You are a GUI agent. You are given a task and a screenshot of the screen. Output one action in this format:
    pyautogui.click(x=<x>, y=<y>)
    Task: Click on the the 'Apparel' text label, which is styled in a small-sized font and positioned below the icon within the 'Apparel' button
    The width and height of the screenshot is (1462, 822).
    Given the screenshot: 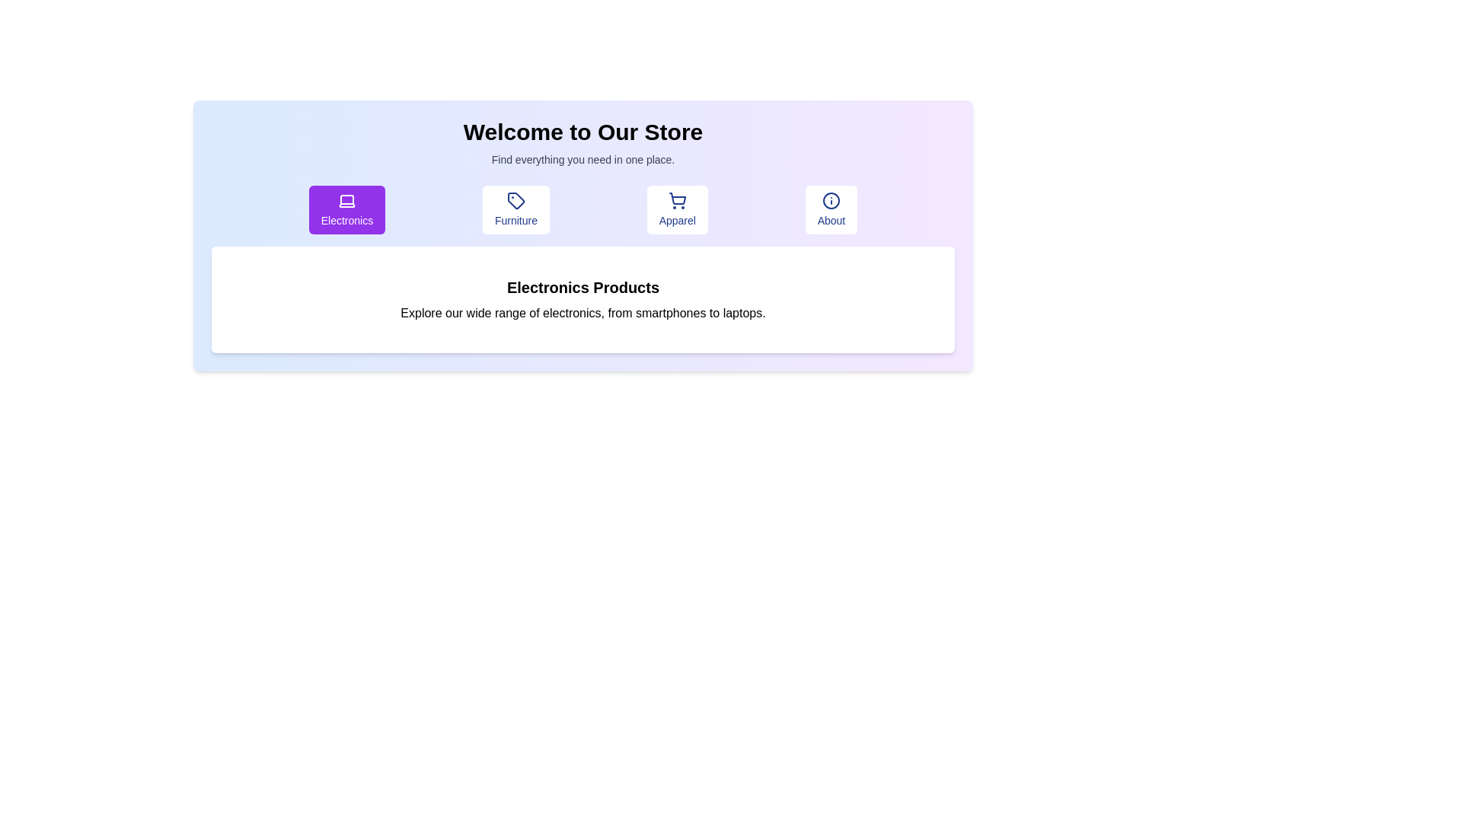 What is the action you would take?
    pyautogui.click(x=676, y=220)
    